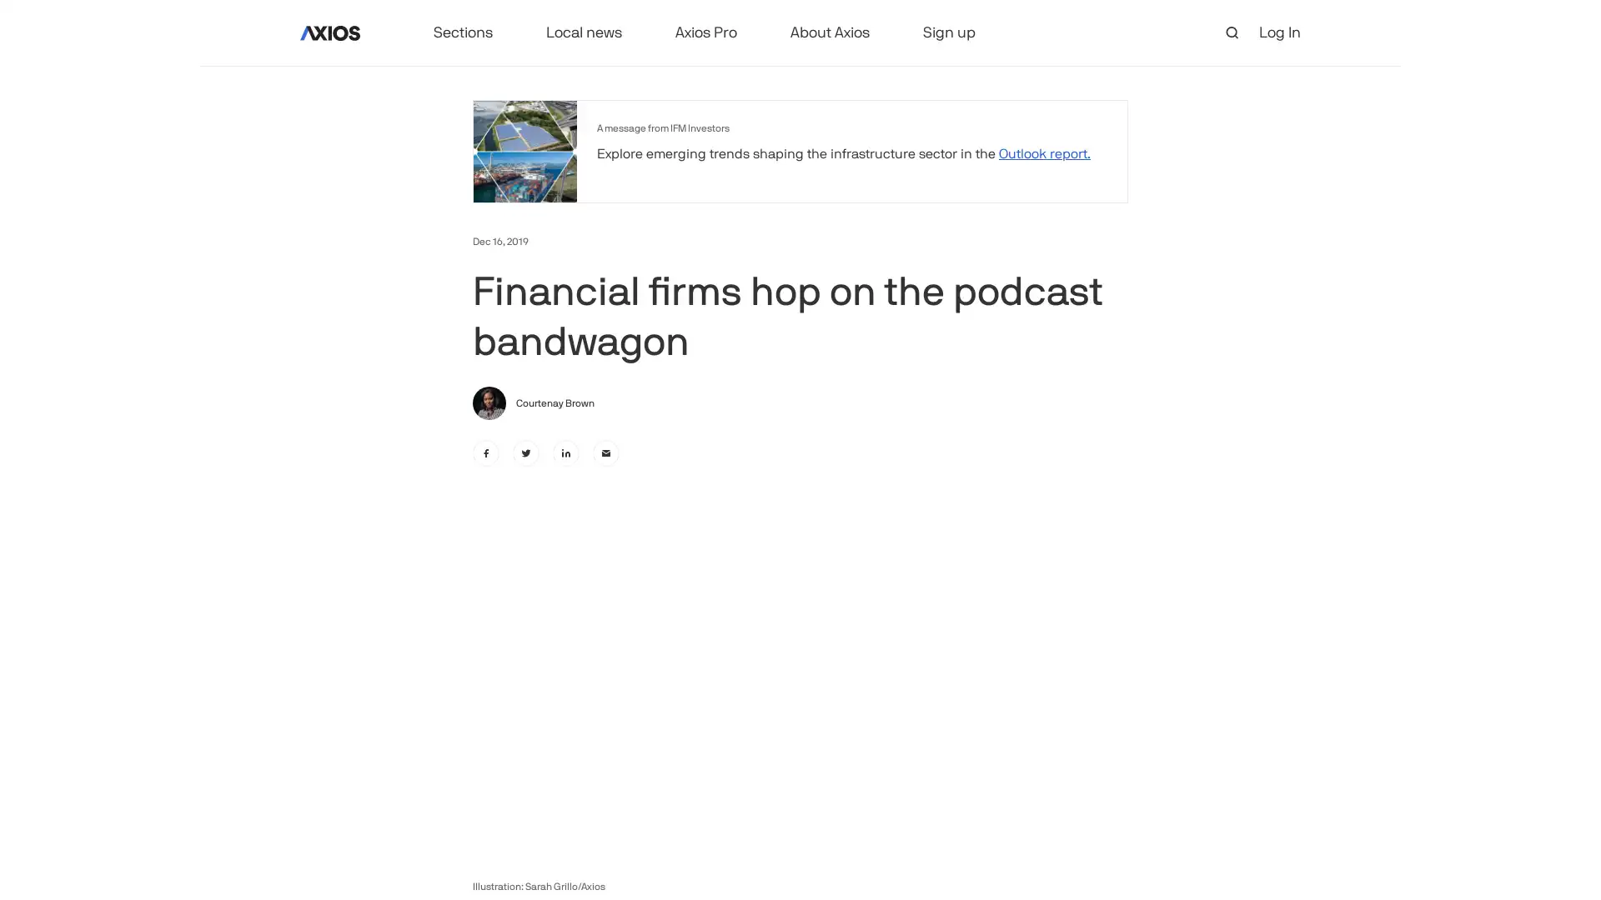 Image resolution: width=1601 pixels, height=900 pixels. I want to click on email, so click(604, 452).